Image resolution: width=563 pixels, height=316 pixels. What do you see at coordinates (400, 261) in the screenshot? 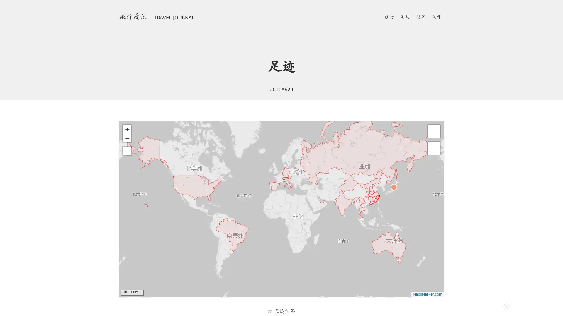
I see `23` at bounding box center [400, 261].